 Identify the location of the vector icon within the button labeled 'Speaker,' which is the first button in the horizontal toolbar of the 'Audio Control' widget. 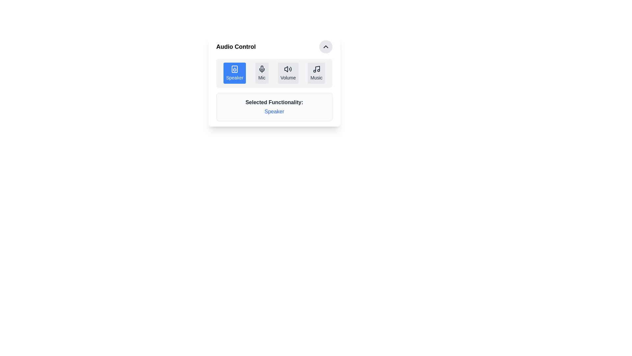
(235, 69).